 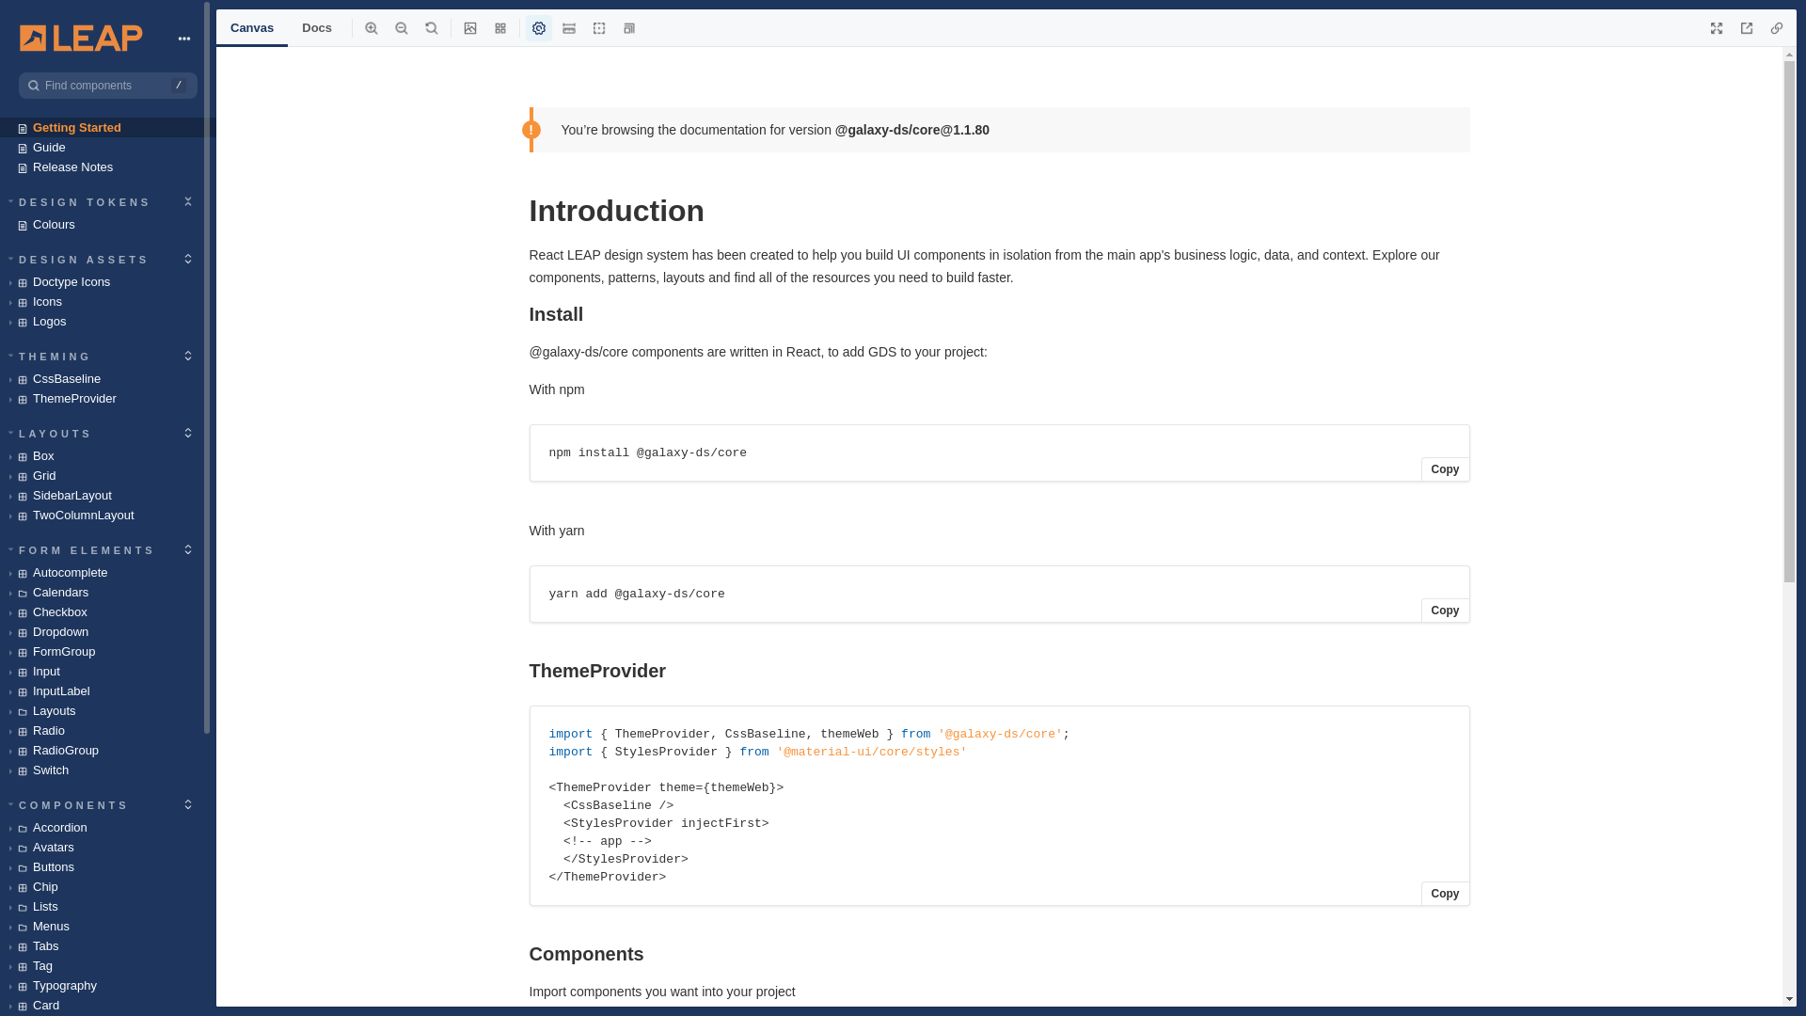 I want to click on 'Icons', so click(x=107, y=300).